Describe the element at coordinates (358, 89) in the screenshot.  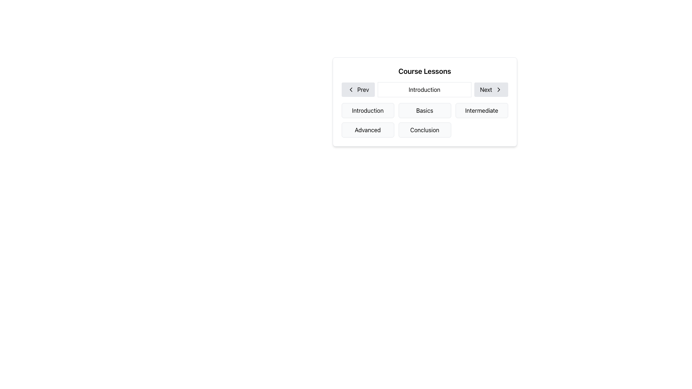
I see `the leftmost navigation button at the top of the page section` at that location.